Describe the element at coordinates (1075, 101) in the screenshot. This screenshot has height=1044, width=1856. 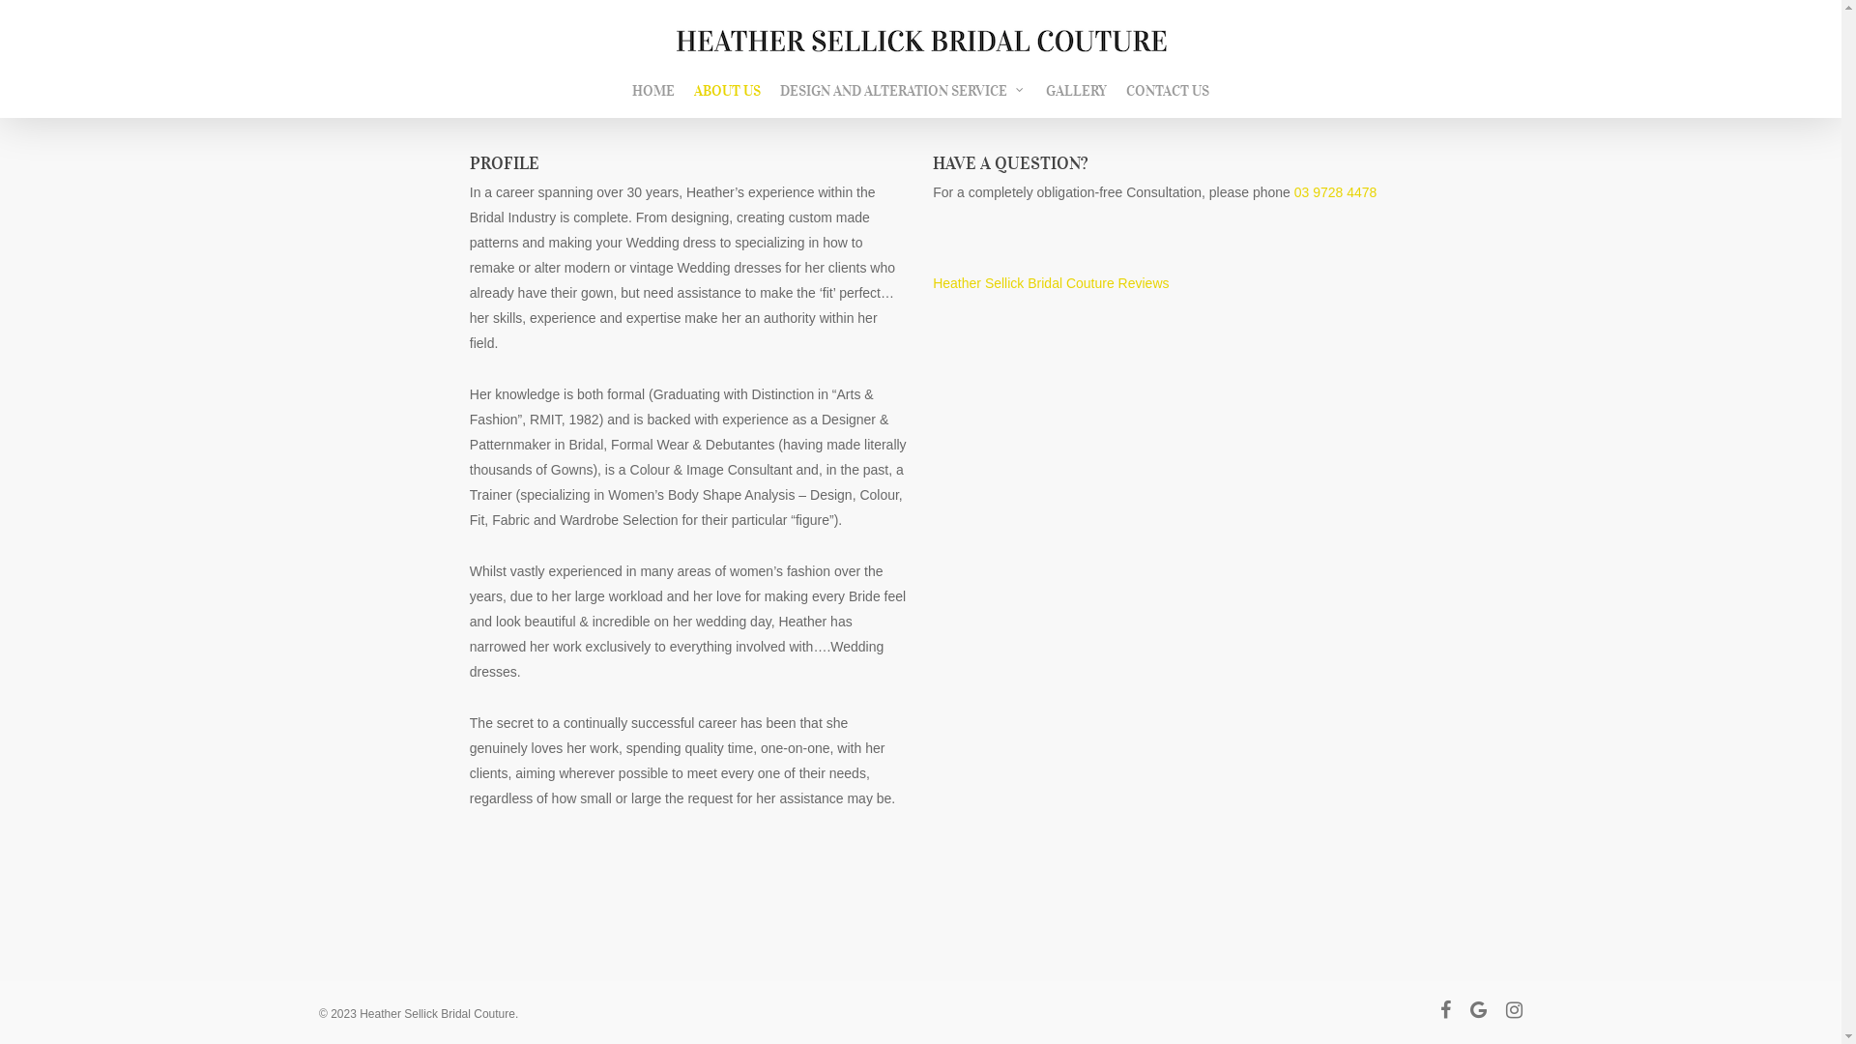
I see `'GALLERY'` at that location.